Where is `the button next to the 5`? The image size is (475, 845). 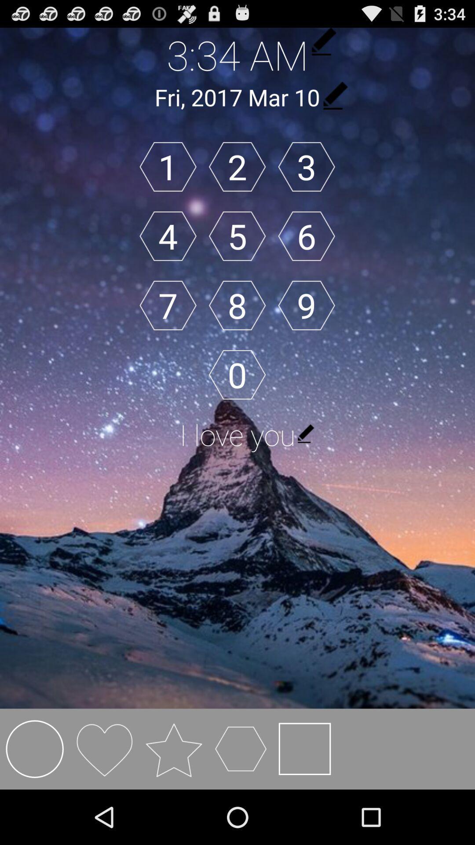 the button next to the 5 is located at coordinates (168, 236).